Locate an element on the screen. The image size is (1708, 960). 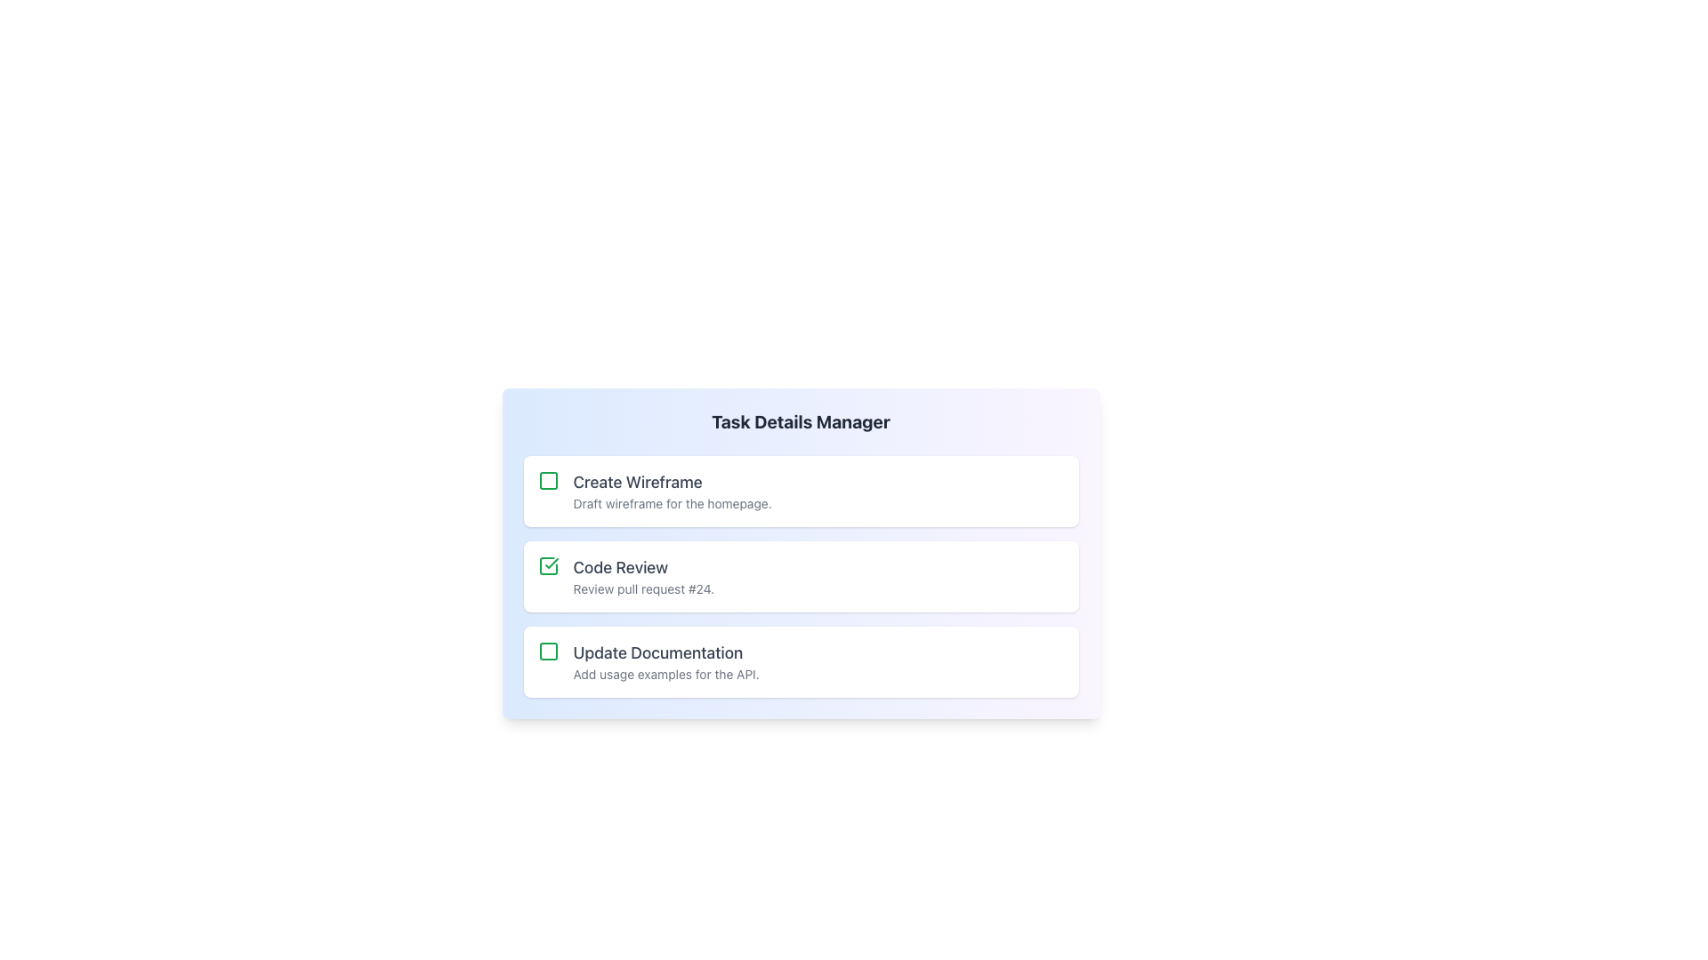
the descriptive text label providing context for the task 'Update Documentation', located below the title text within the task card is located at coordinates (665, 675).